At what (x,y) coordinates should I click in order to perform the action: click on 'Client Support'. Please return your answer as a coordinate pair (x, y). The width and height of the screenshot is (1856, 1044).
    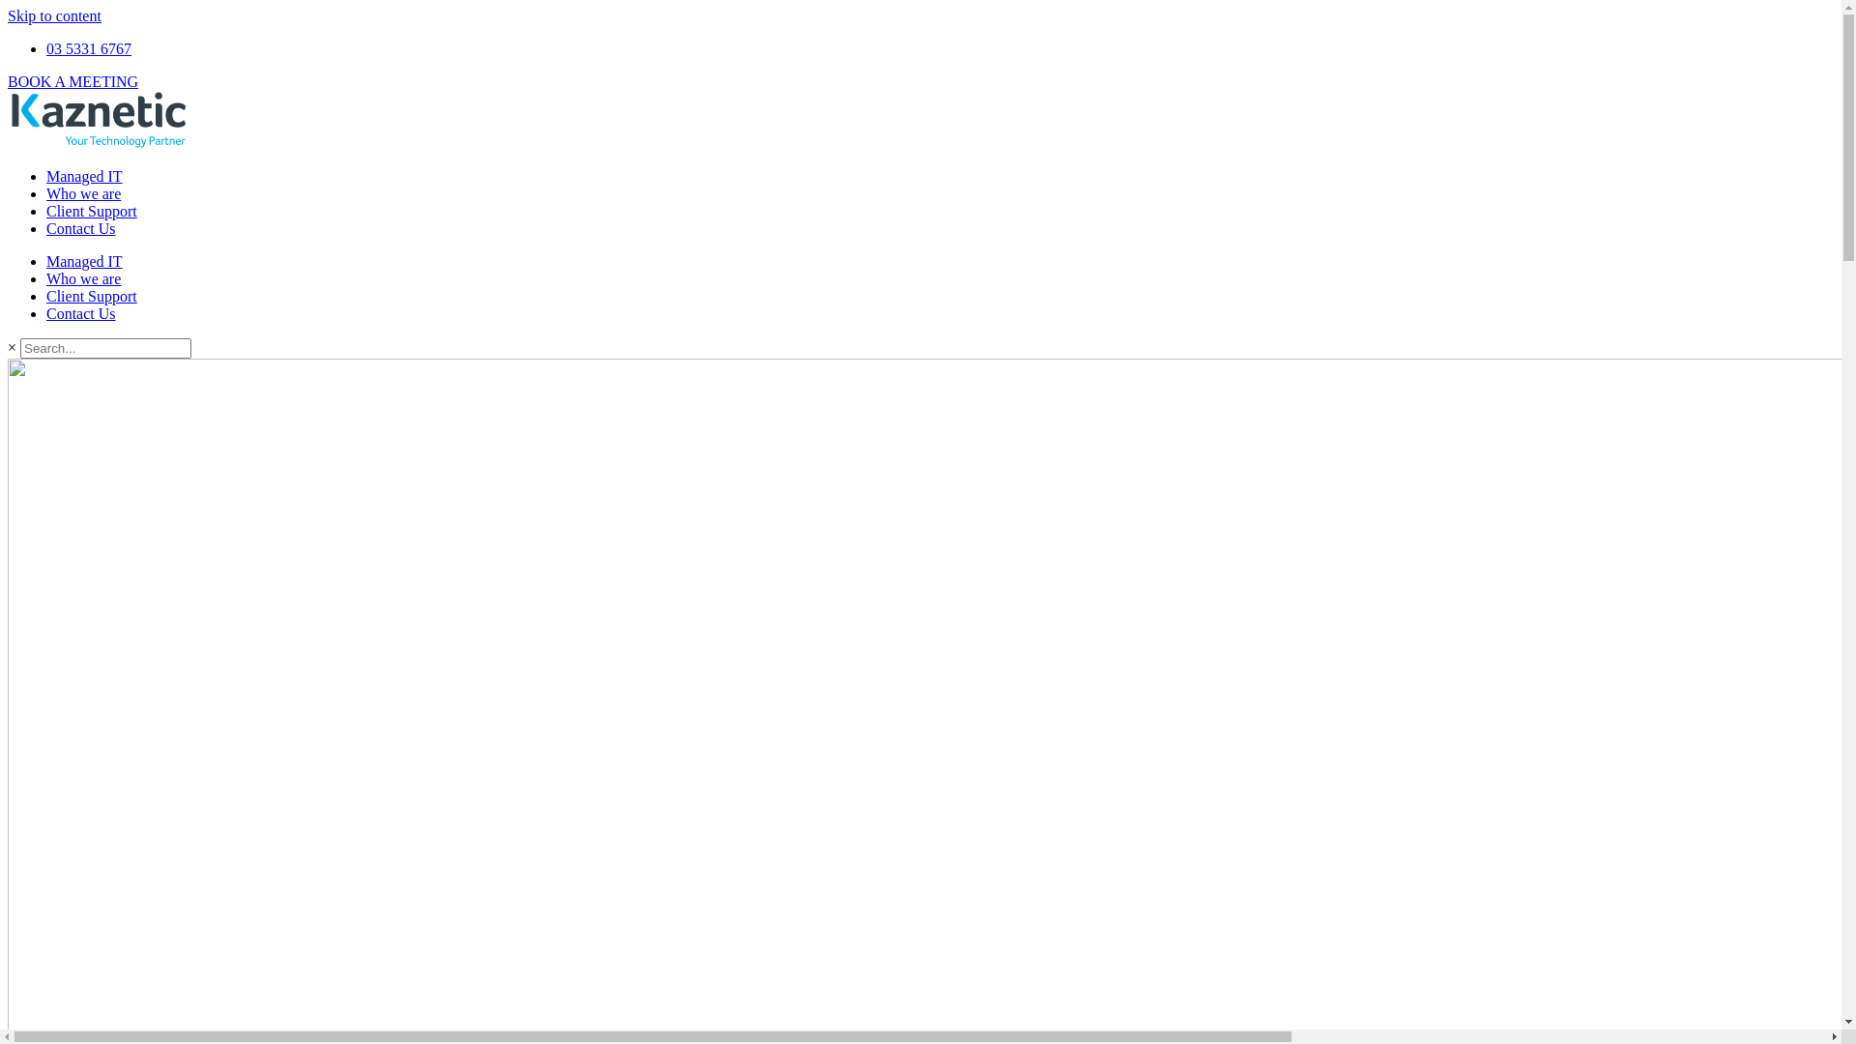
    Looking at the image, I should click on (91, 211).